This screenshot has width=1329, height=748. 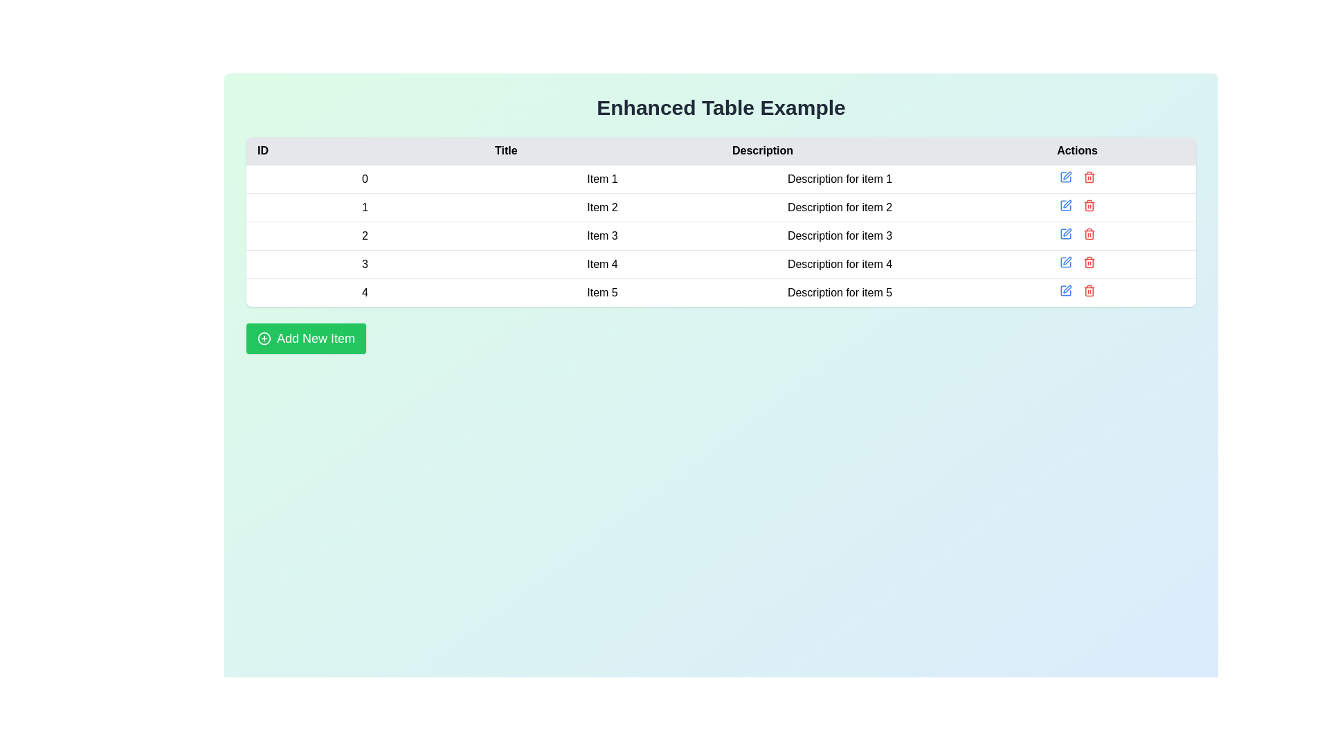 What do you see at coordinates (1066, 204) in the screenshot?
I see `the edit icon in the 'Actions' column for the second row` at bounding box center [1066, 204].